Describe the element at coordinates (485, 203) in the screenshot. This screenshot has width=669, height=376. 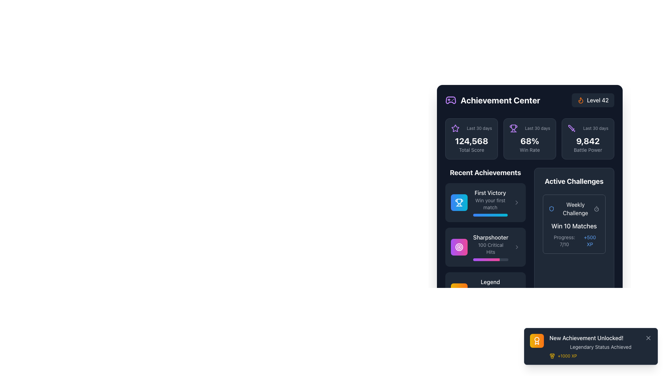
I see `the first listed achievement in the 'Recent Achievements' section, which displays its name and description` at that location.